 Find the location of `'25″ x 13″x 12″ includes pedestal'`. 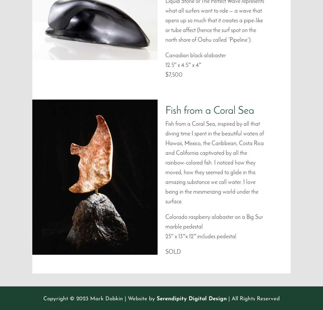

'25″ x 13″x 12″ includes pedestal' is located at coordinates (201, 236).